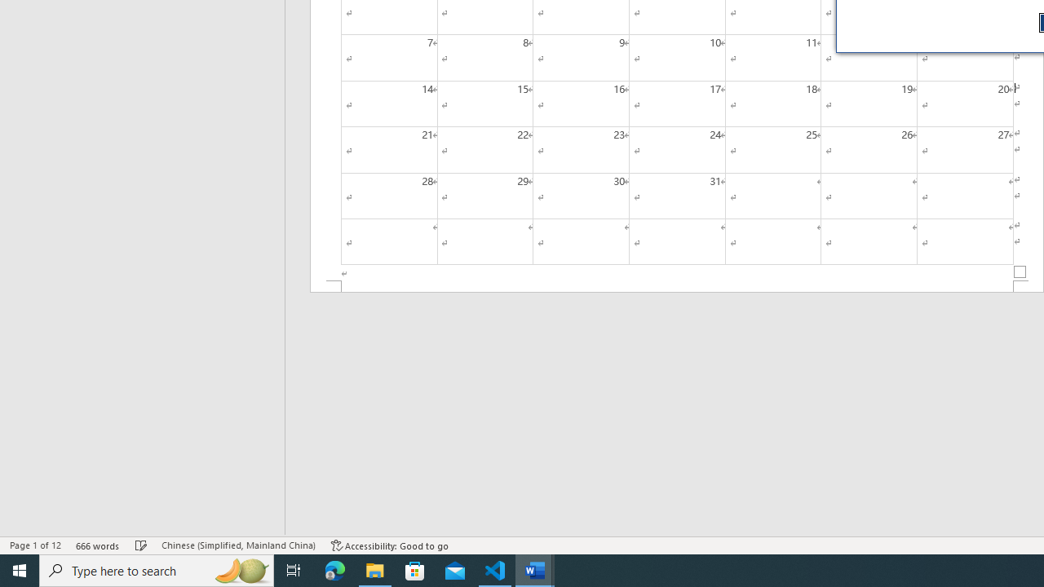 The height and width of the screenshot is (587, 1044). What do you see at coordinates (97, 545) in the screenshot?
I see `'Word Count 666 words'` at bounding box center [97, 545].